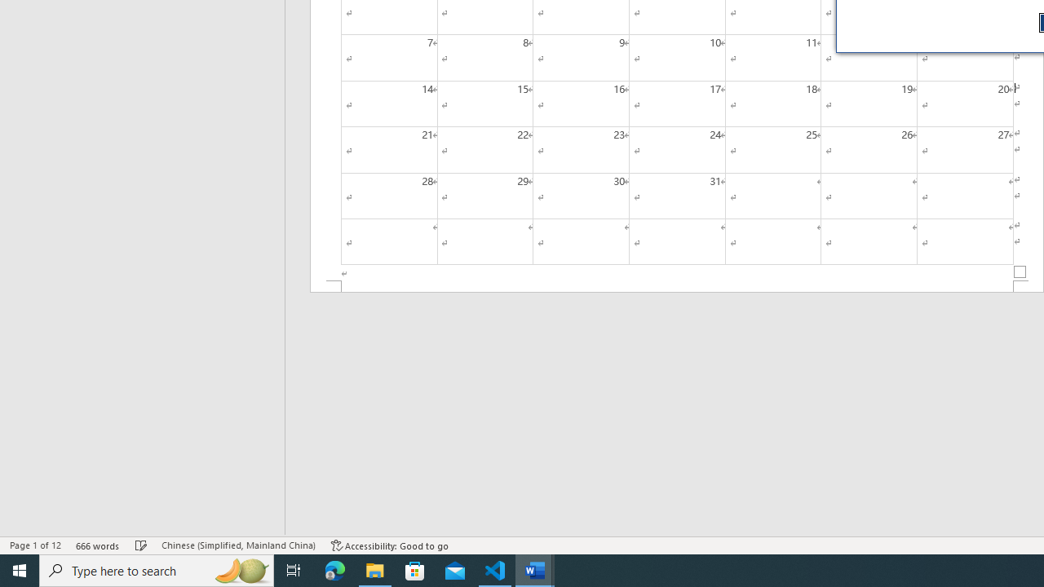 The height and width of the screenshot is (587, 1044). What do you see at coordinates (97, 545) in the screenshot?
I see `'Word Count 666 words'` at bounding box center [97, 545].